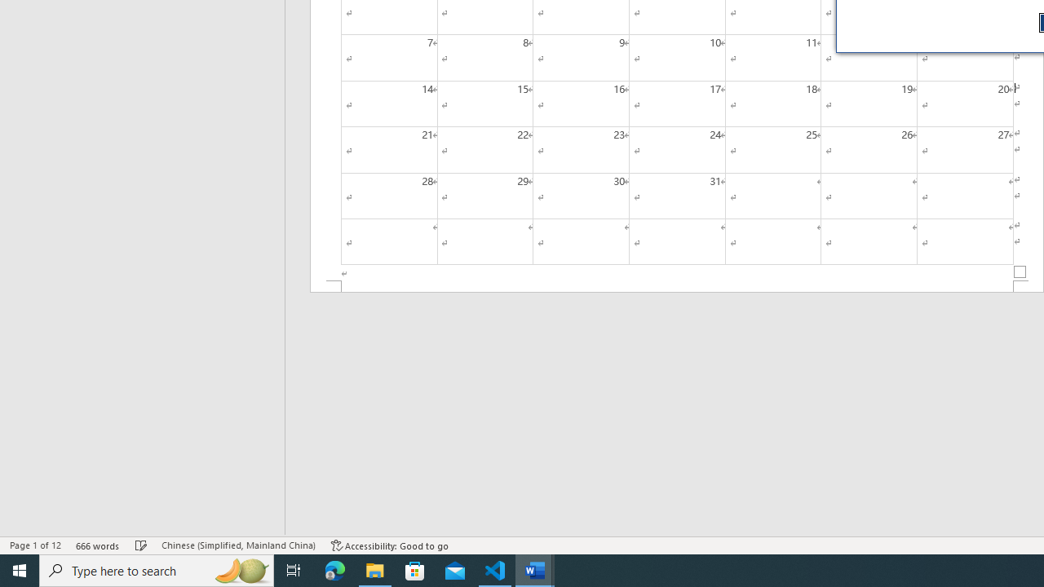 The height and width of the screenshot is (587, 1044). What do you see at coordinates (97, 545) in the screenshot?
I see `'Word Count 666 words'` at bounding box center [97, 545].